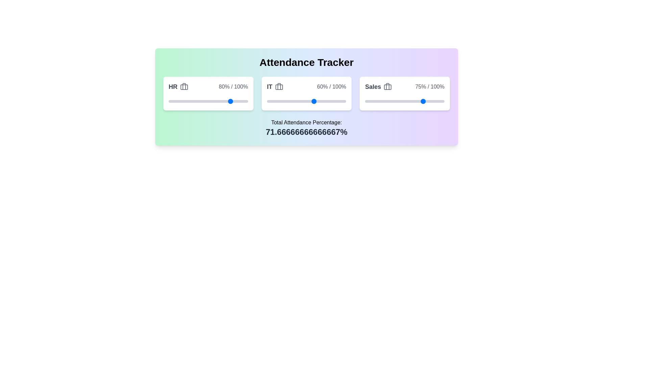  Describe the element at coordinates (217, 101) in the screenshot. I see `HR attendance percentage` at that location.